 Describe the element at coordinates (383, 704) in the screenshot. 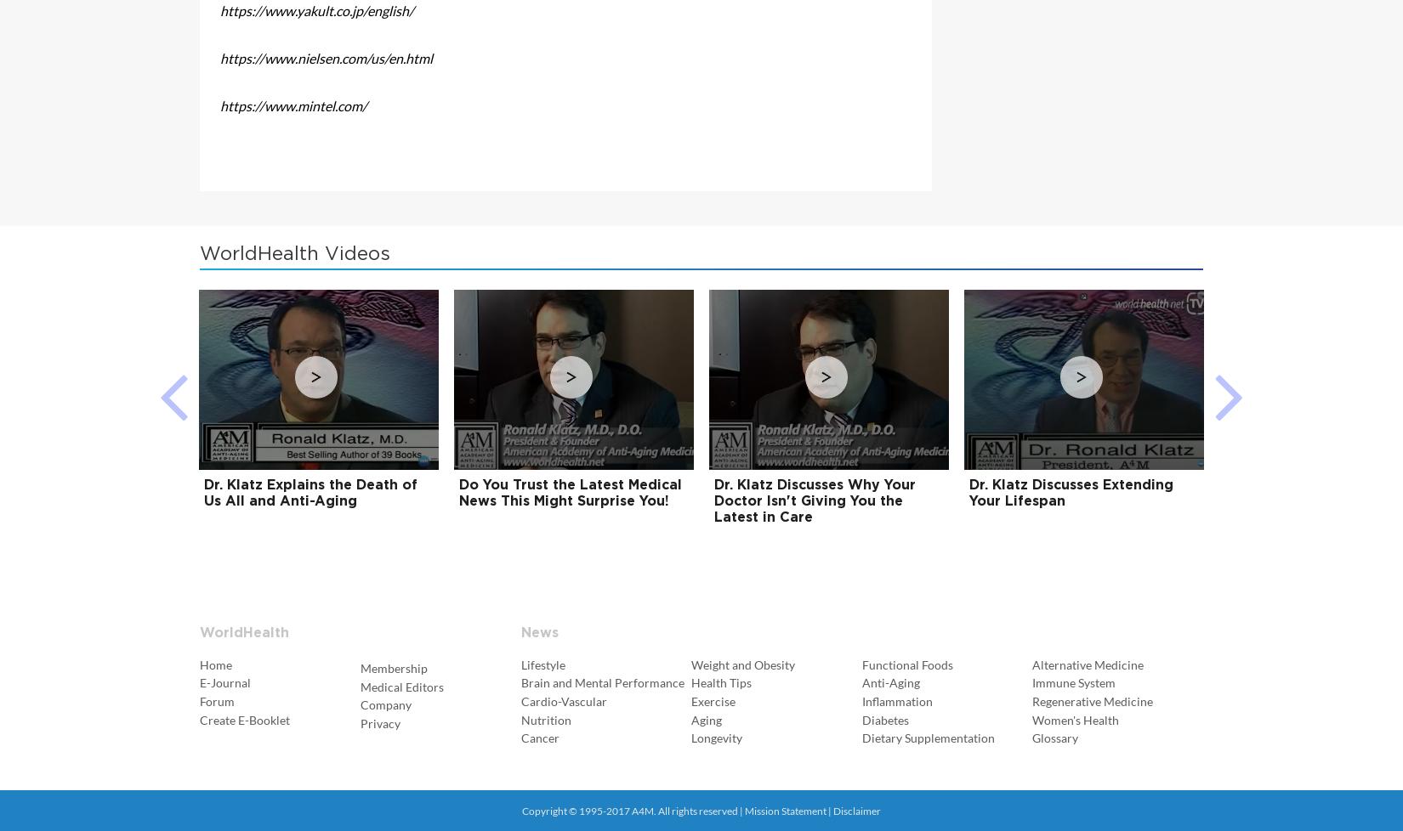

I see `'Company'` at that location.